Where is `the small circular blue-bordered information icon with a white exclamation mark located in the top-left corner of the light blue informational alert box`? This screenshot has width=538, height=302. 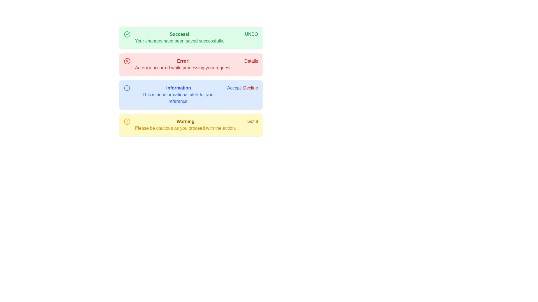
the small circular blue-bordered information icon with a white exclamation mark located in the top-left corner of the light blue informational alert box is located at coordinates (127, 88).